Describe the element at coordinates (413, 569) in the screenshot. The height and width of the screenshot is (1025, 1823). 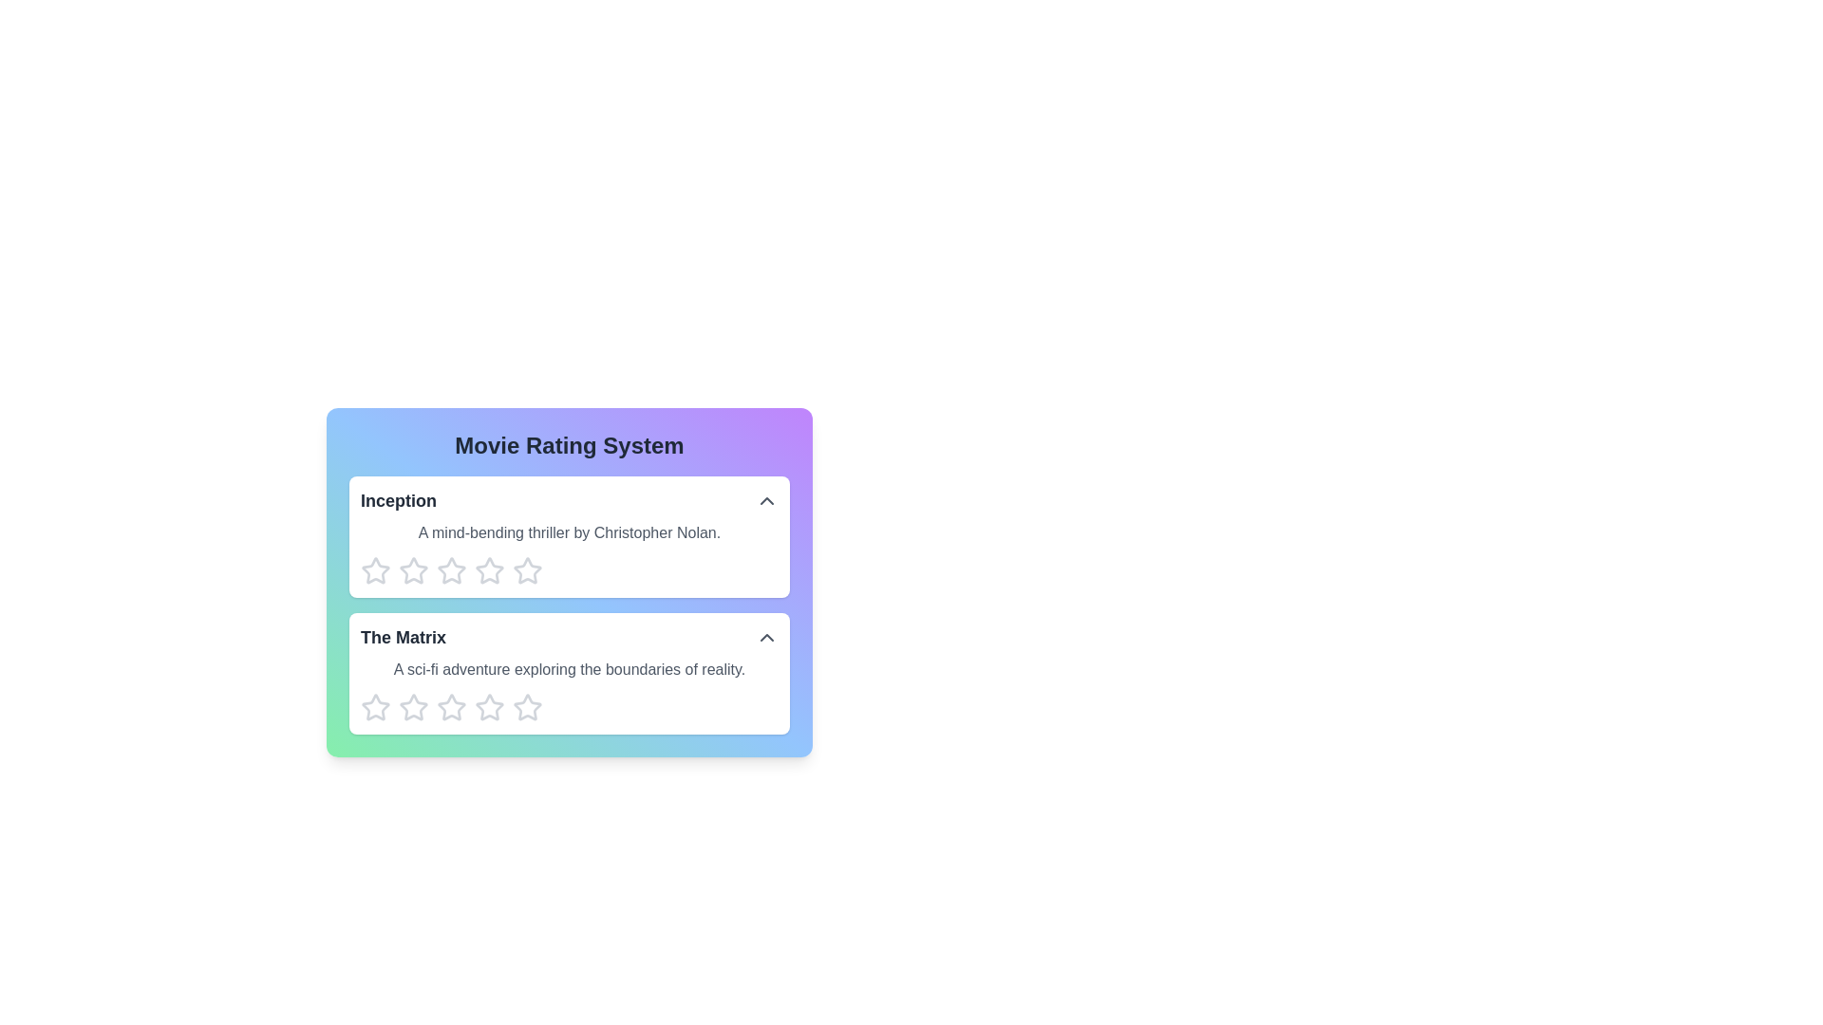
I see `the first star icon in the rating row under the movie titled 'Inception'` at that location.